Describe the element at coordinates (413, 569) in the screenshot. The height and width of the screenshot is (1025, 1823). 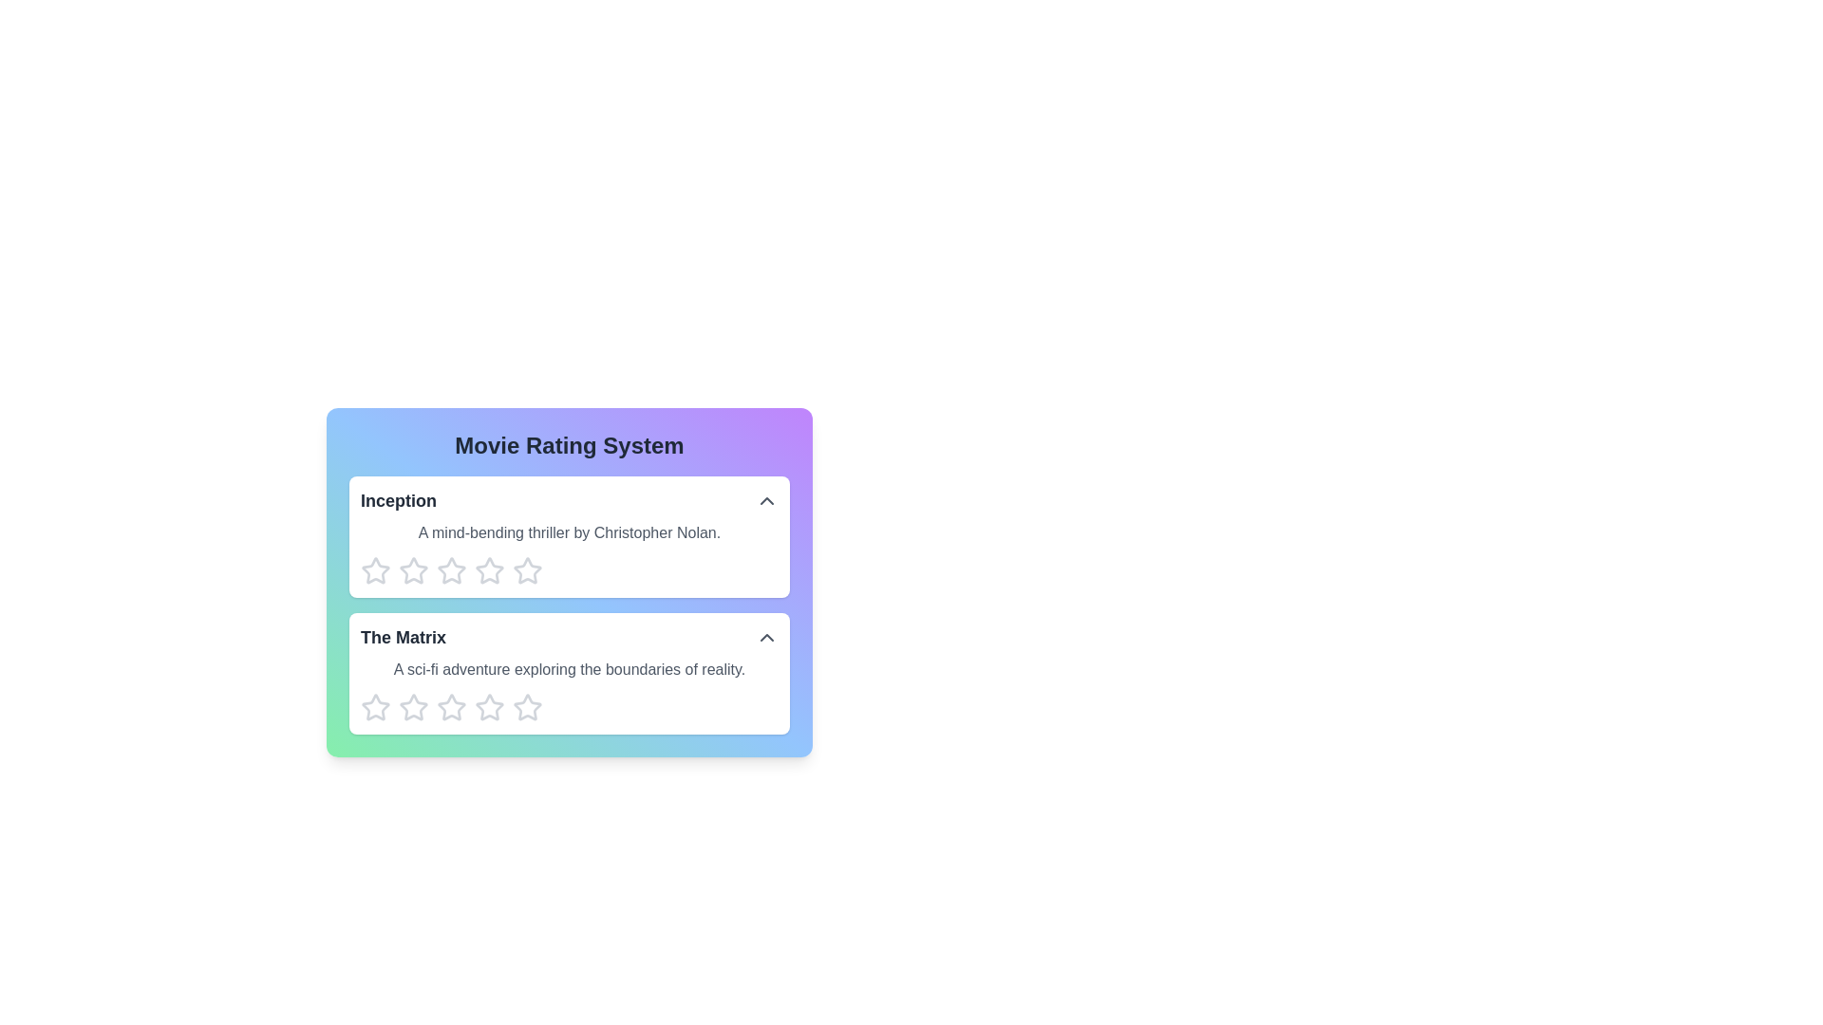
I see `the first star icon in the rating row under the movie titled 'Inception'` at that location.